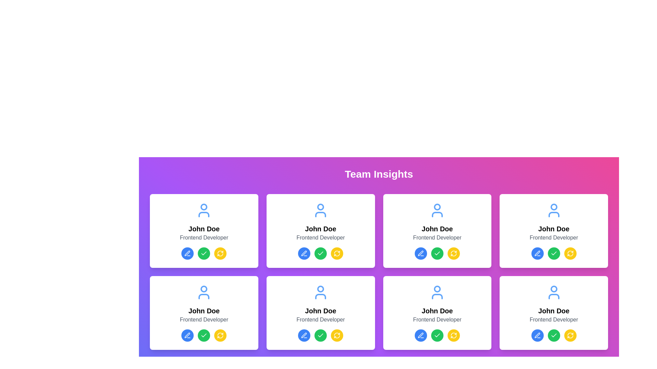 The height and width of the screenshot is (369, 657). I want to click on the user profile icon styled as a silhouette, located at the top of the second card in the second row of the 'Team Insights' section, which contains the name 'John Doe' and the job title 'Frontend Developer', so click(204, 292).